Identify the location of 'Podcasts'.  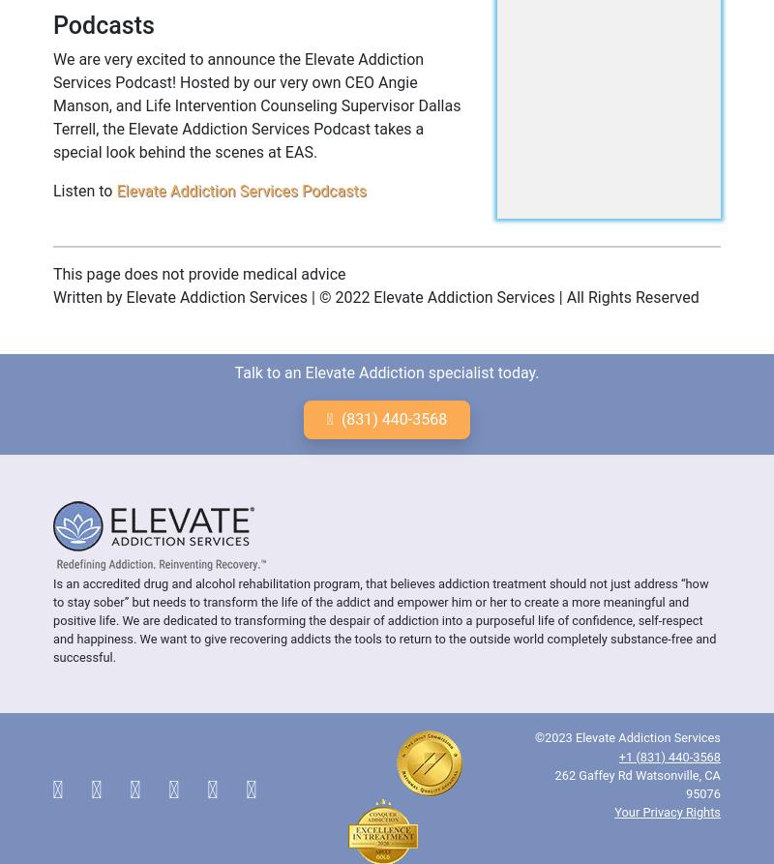
(103, 24).